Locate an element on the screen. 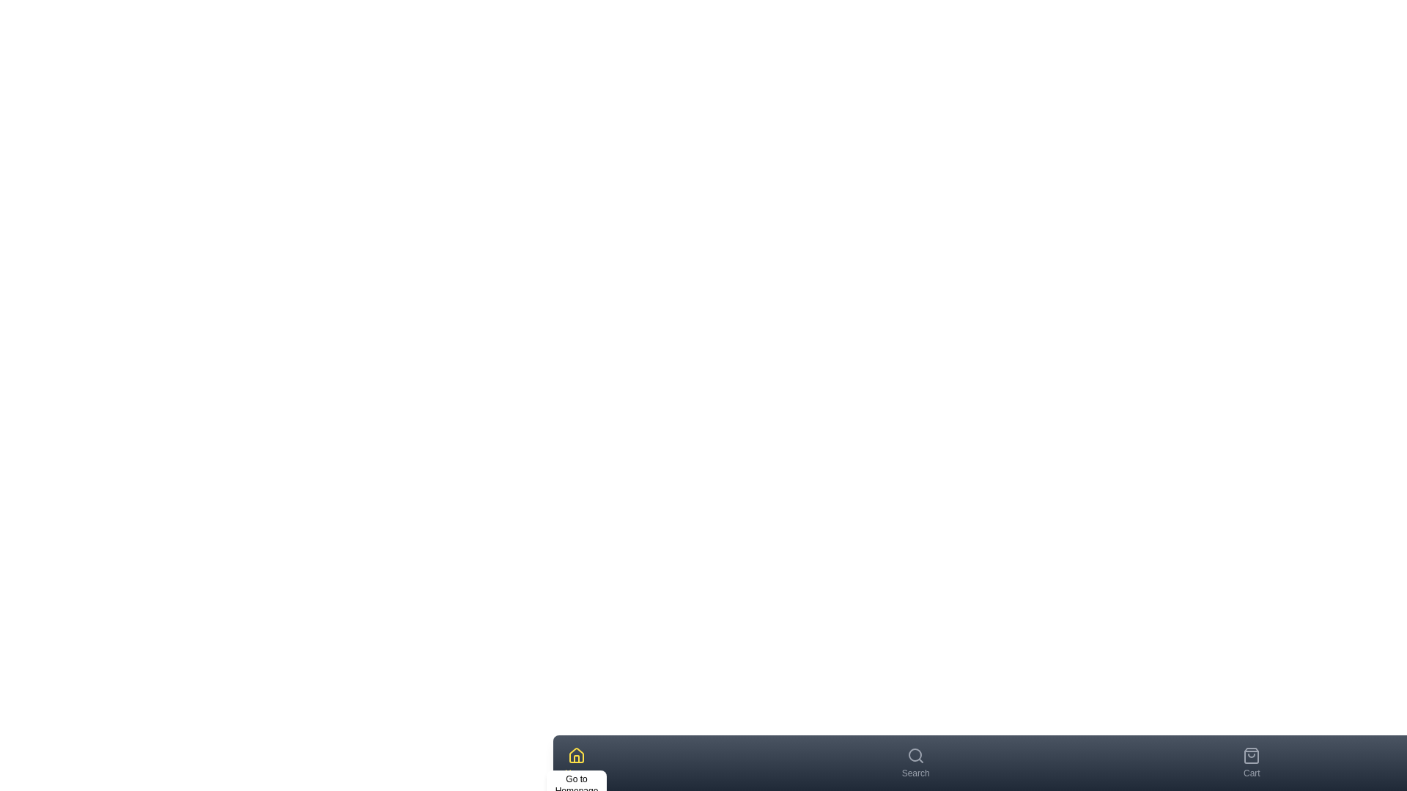 The width and height of the screenshot is (1407, 791). the icon corresponding to Cart to view its tooltip is located at coordinates (1251, 756).